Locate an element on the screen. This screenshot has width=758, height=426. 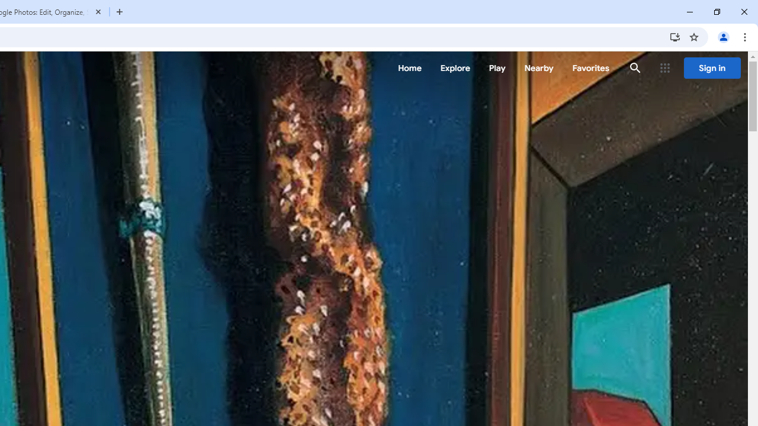
'Chrome' is located at coordinates (746, 36).